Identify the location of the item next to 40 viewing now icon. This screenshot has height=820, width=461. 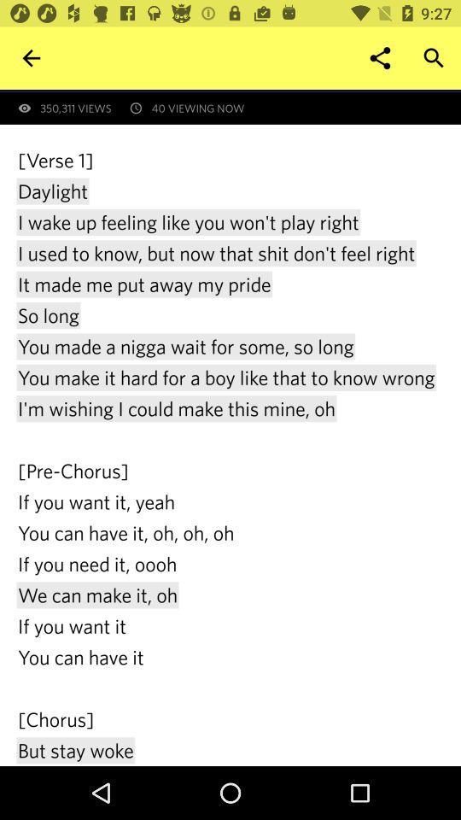
(31, 58).